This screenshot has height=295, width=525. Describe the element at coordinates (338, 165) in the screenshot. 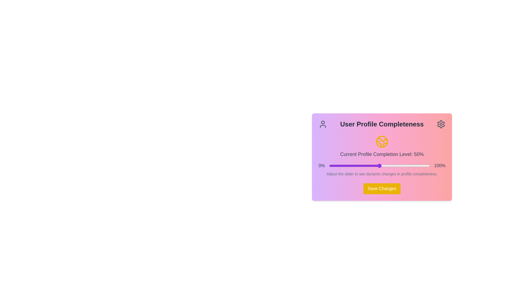

I see `the profile completion percentage` at that location.